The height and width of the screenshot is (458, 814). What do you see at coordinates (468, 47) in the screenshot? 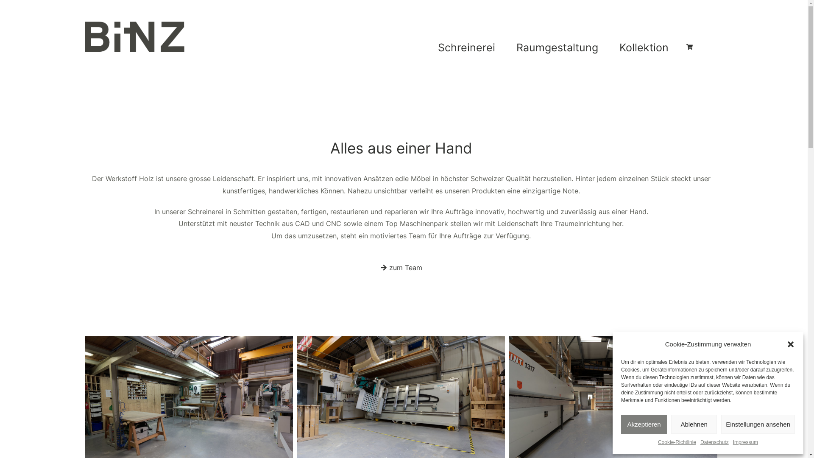
I see `'Schreinerei'` at bounding box center [468, 47].